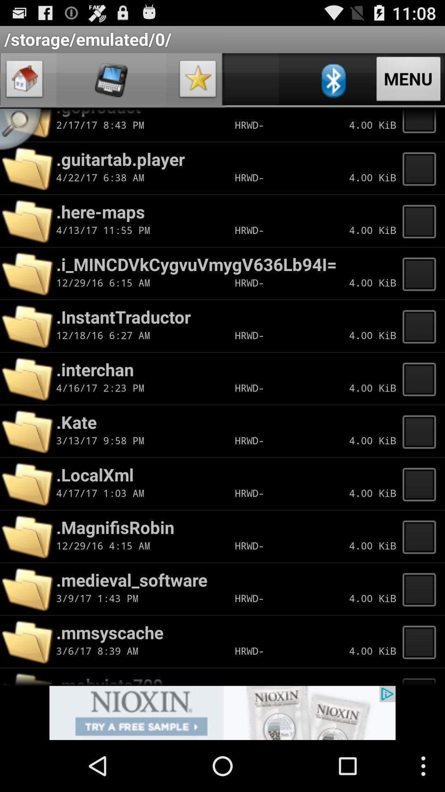 The height and width of the screenshot is (792, 445). What do you see at coordinates (422, 641) in the screenshot?
I see `folder` at bounding box center [422, 641].